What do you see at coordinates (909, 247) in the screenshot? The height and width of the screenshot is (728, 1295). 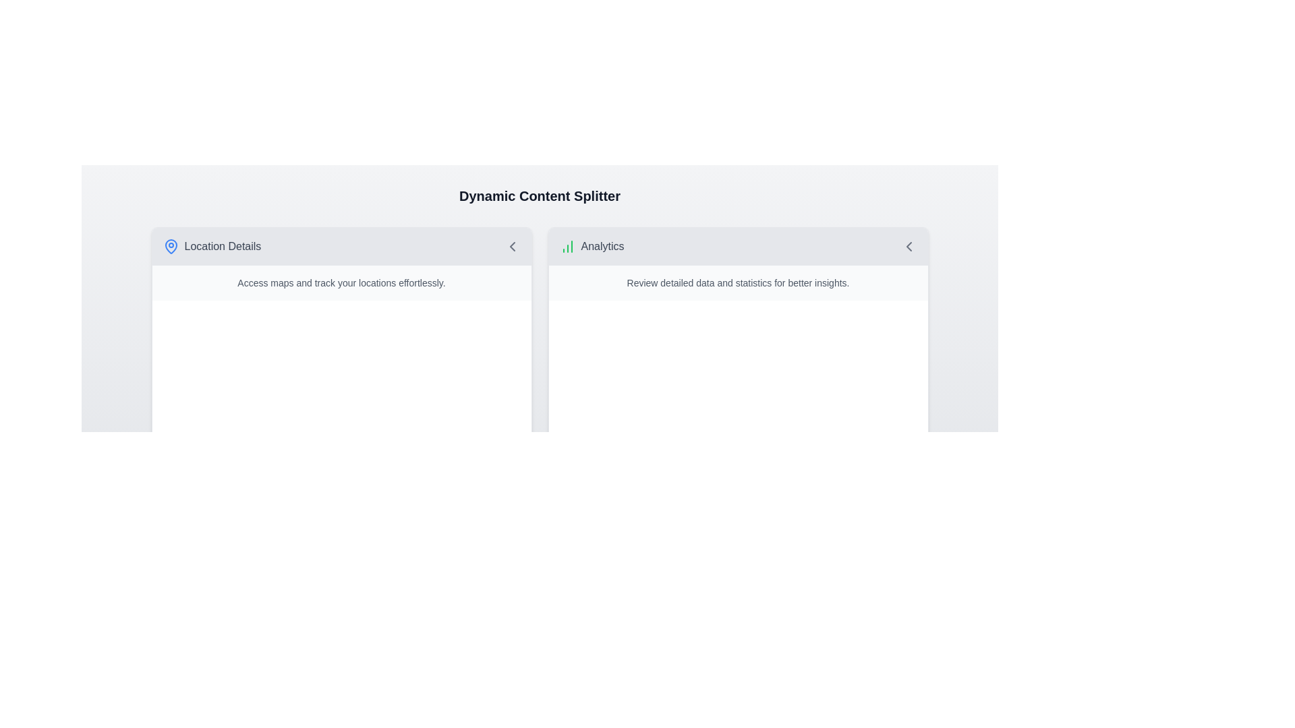 I see `the 'back' button arrow SVG icon located on the left side of the header section, adjacent to the 'Location Details' panel tab` at bounding box center [909, 247].